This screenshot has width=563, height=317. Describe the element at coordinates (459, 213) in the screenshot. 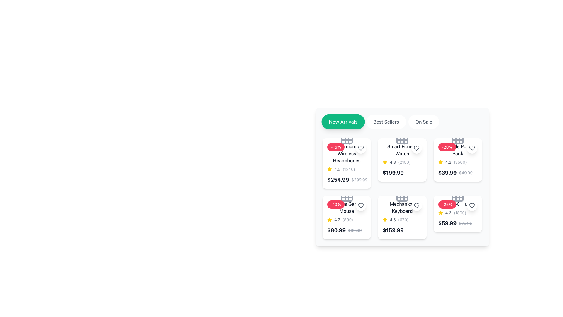

I see `the Text label that conveys the number of reviews or ratings associated with the product, located near the rating value '4.3' in the bottom-right card of the second row in the product grid` at that location.